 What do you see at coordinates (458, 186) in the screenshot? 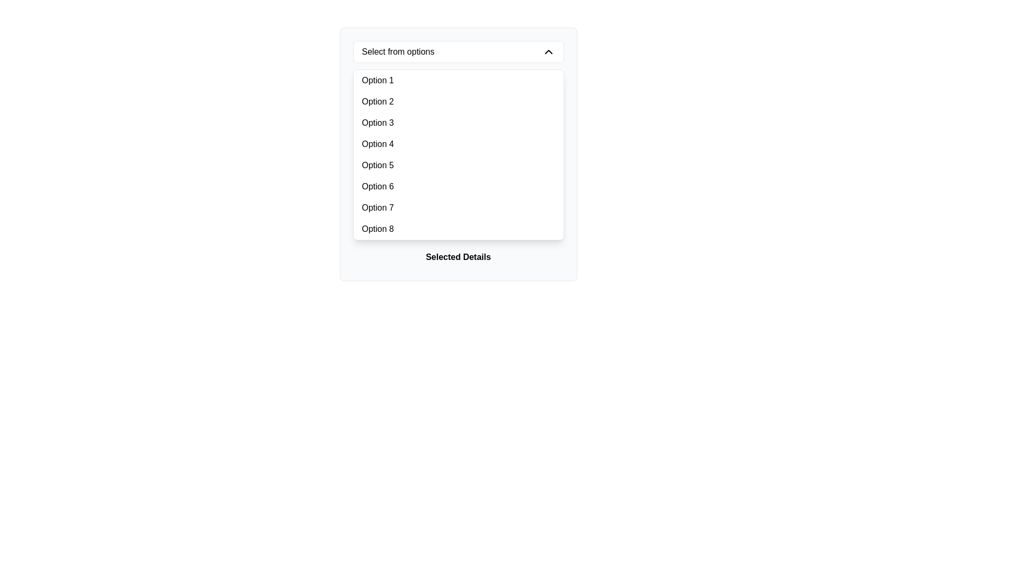
I see `the sixth selectable option in the dropdown menu` at bounding box center [458, 186].